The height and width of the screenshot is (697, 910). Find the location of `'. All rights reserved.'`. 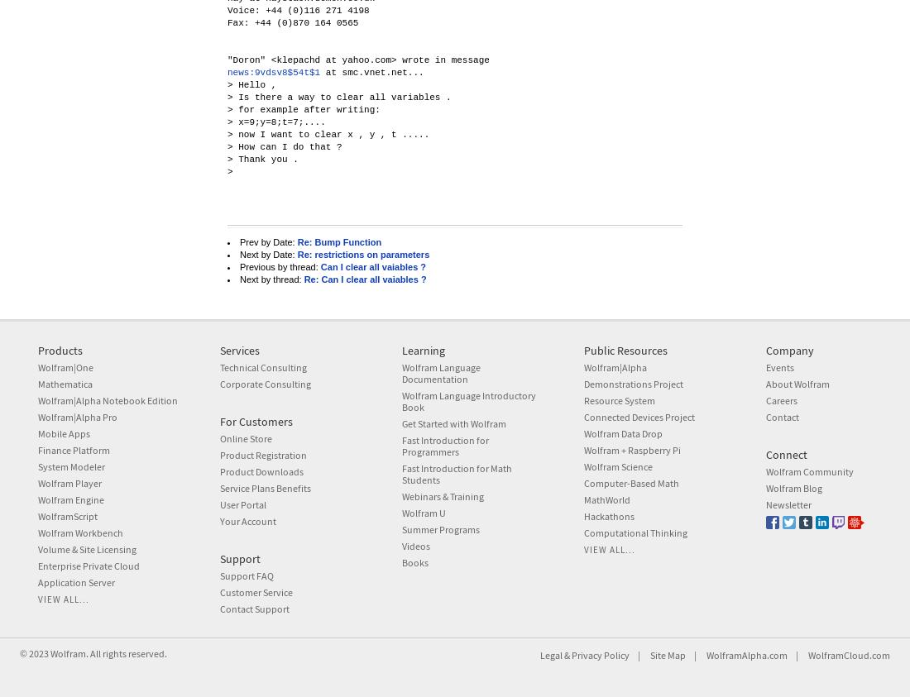

'. All rights reserved.' is located at coordinates (85, 653).